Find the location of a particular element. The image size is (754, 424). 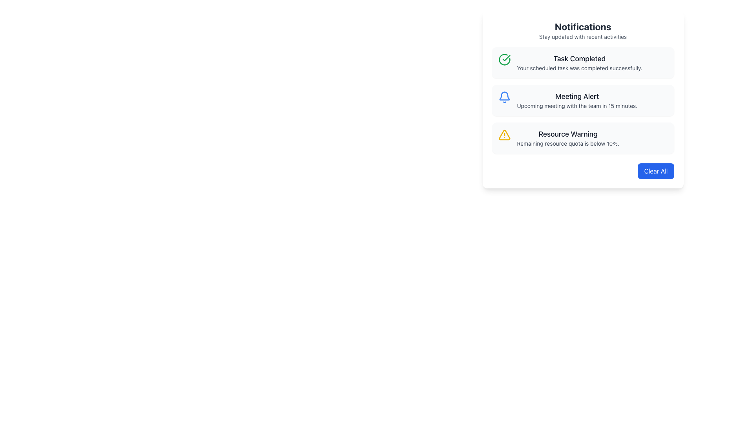

text displayed in the 'Notifications' section at the top of the white card layout, which includes a bold title and a subtitle is located at coordinates (583, 30).